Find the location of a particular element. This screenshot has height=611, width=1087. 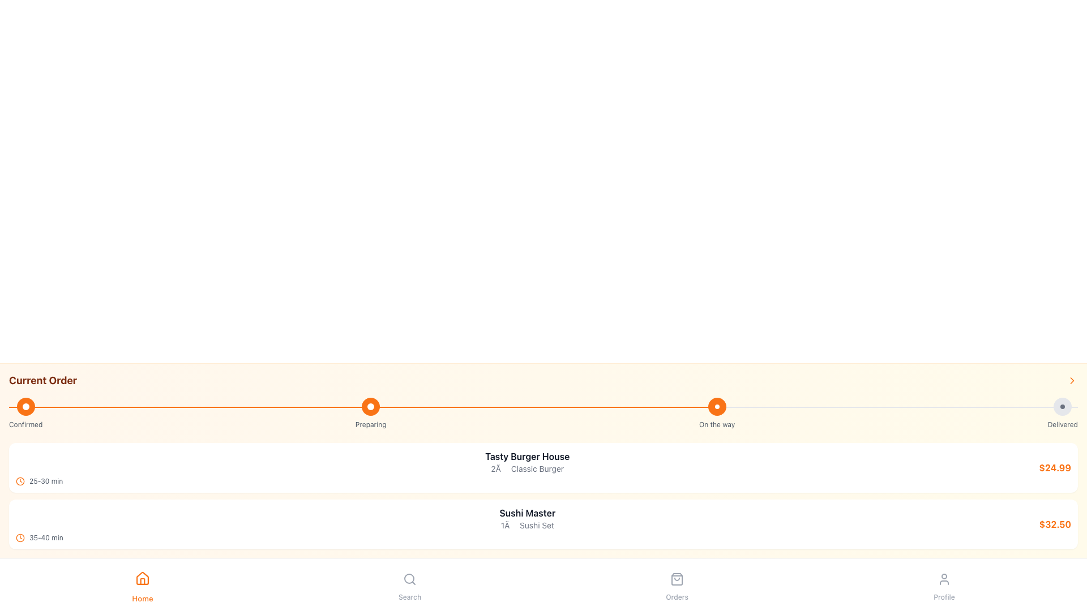

'Profile' label located beneath the user silhouette icon in the bottom navigation bar, which is the rightmost element after 'Home', 'Search', and 'Orders' is located at coordinates (944, 597).